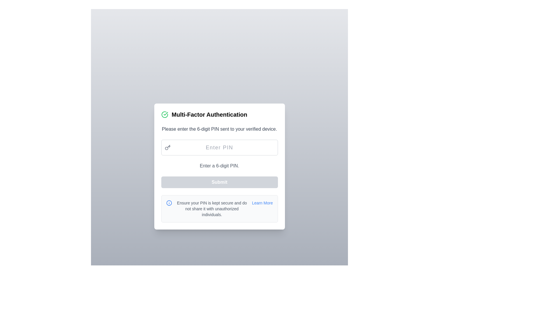 This screenshot has width=560, height=315. Describe the element at coordinates (166, 148) in the screenshot. I see `the small circular component within the key icon located to the left of the 'Enter PIN' input field on the multi-factor authentication interface` at that location.